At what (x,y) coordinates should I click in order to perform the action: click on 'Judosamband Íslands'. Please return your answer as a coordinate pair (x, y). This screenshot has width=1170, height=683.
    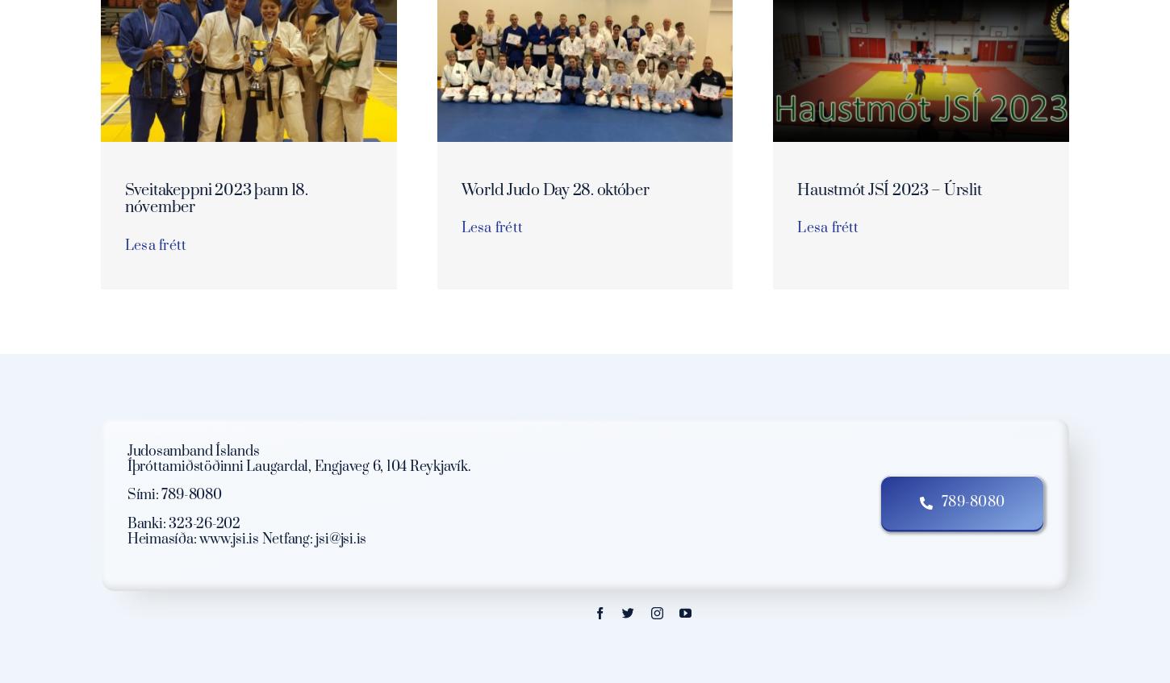
    Looking at the image, I should click on (191, 452).